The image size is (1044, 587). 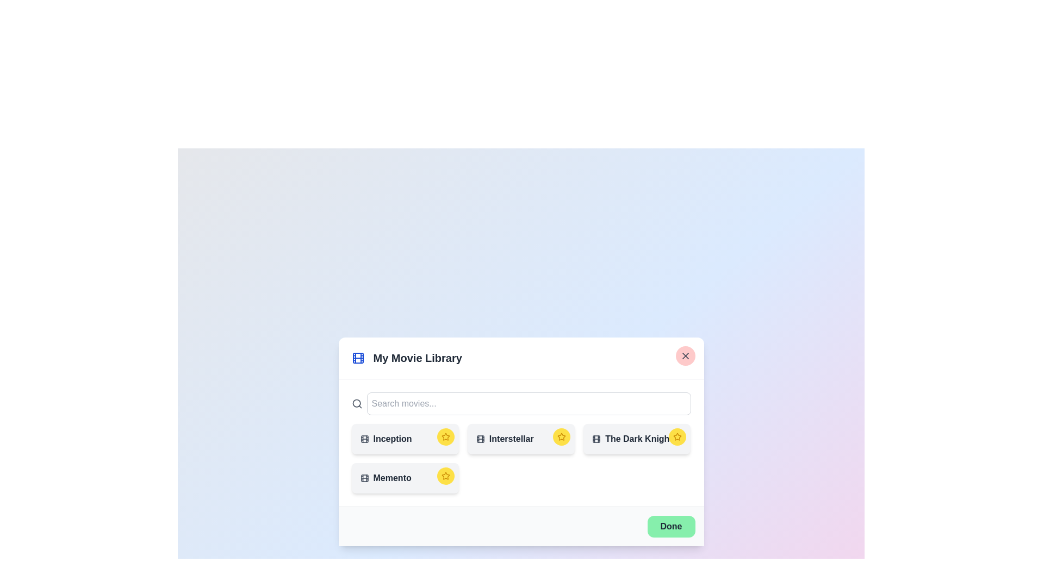 What do you see at coordinates (685, 356) in the screenshot?
I see `the 'X' Close button in the top-right corner of the 'My Movie Library' modal dialog` at bounding box center [685, 356].